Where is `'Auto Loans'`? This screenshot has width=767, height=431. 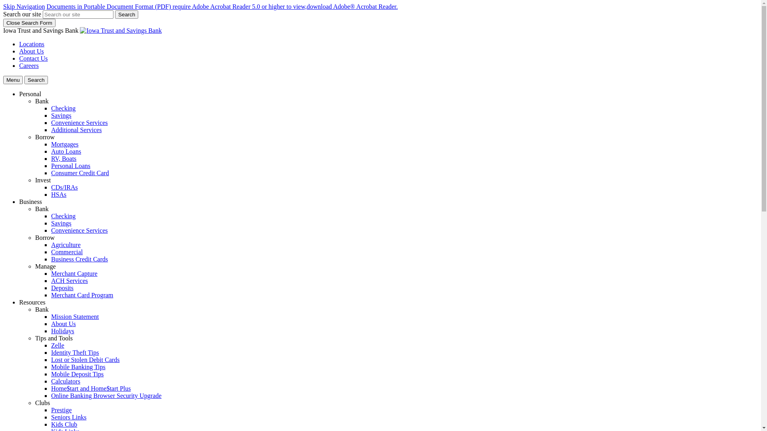 'Auto Loans' is located at coordinates (51, 151).